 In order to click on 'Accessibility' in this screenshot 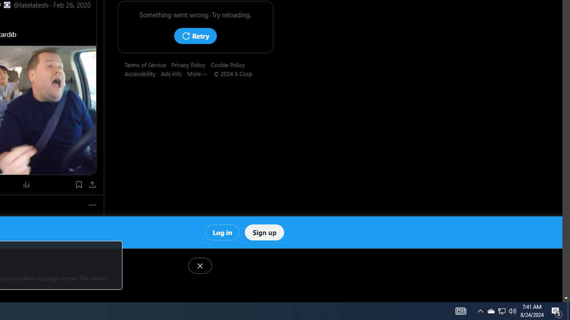, I will do `click(143, 73)`.